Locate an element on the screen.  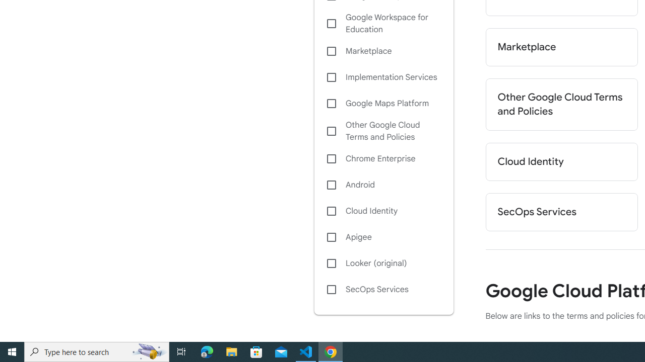
'Google Maps Platform' is located at coordinates (383, 103).